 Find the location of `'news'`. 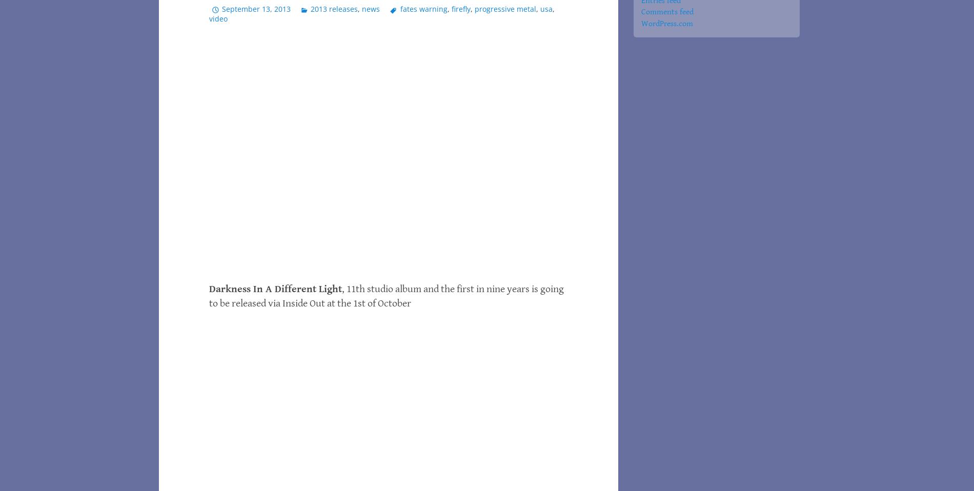

'news' is located at coordinates (370, 8).